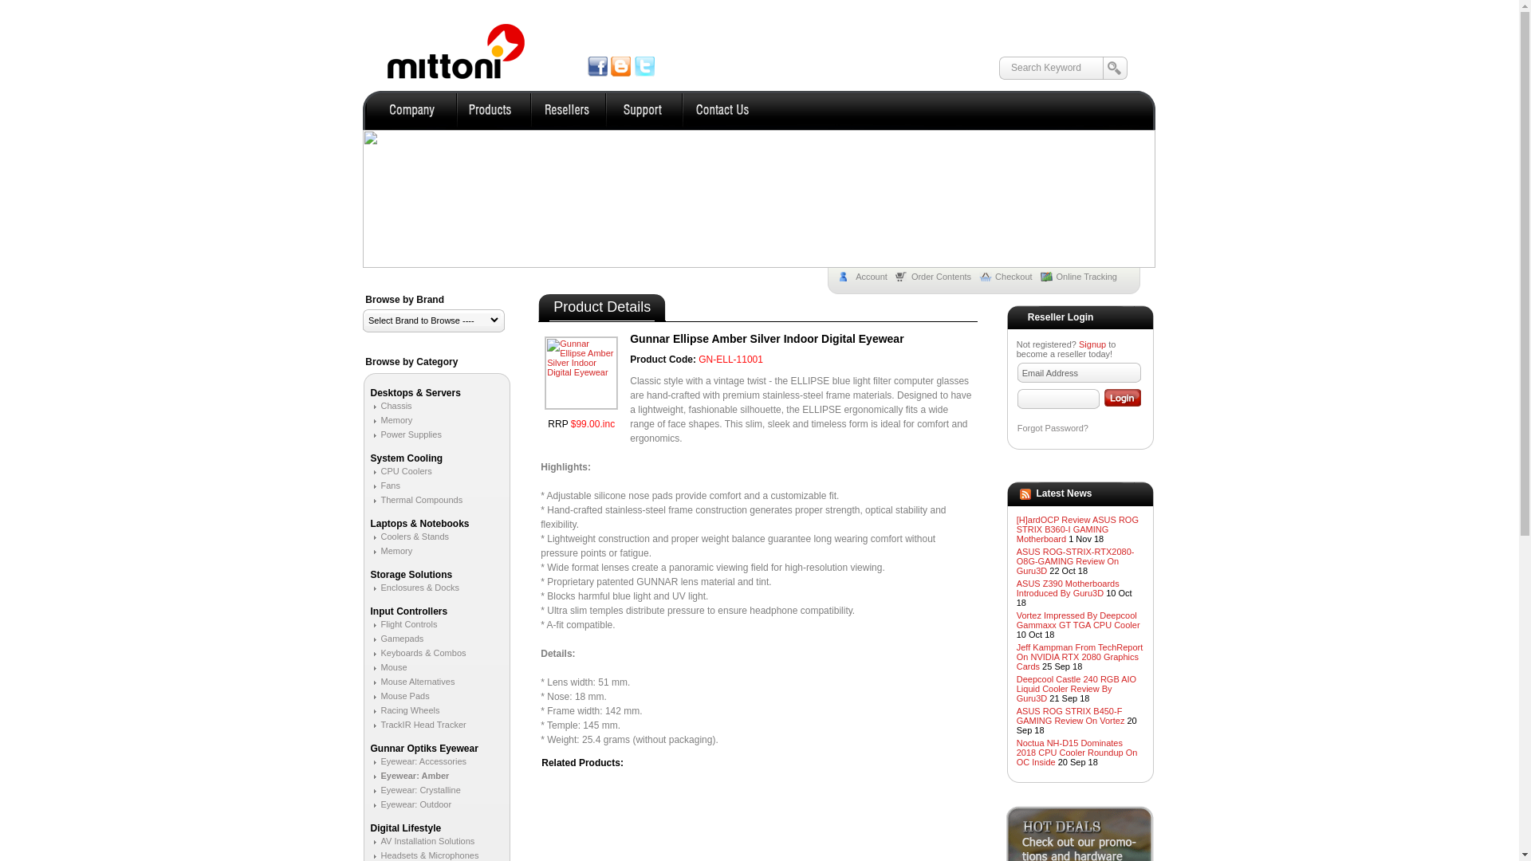 The image size is (1531, 861). What do you see at coordinates (404, 710) in the screenshot?
I see `'Racing Wheels'` at bounding box center [404, 710].